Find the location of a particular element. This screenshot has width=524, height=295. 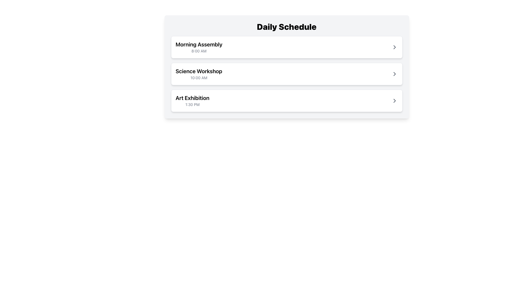

the chevron icon on the far-right side of the 'Science Workshop' row is located at coordinates (394, 74).